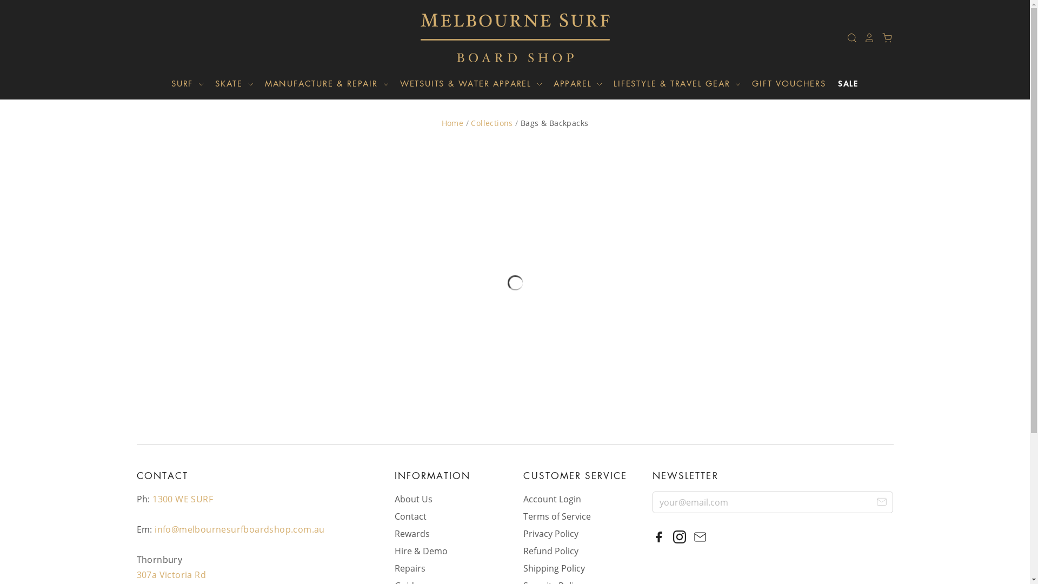  Describe the element at coordinates (542, 83) in the screenshot. I see `'APPAREL'` at that location.